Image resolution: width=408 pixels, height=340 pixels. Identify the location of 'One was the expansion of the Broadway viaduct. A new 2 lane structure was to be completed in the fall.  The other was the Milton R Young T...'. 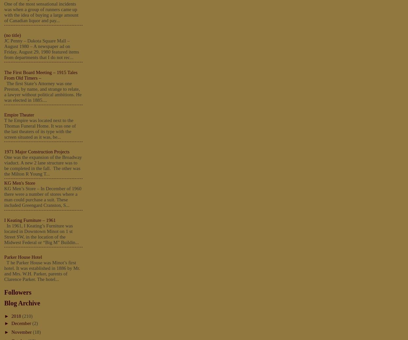
(43, 165).